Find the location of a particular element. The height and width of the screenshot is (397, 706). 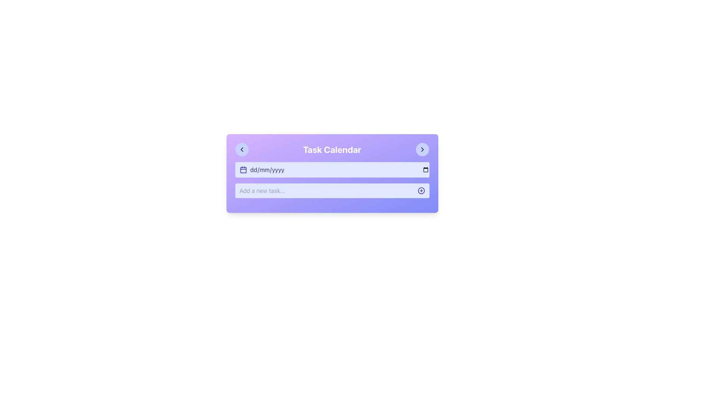

the SVG Circle that represents the 'Add a new task' button, which is part of a plus sign inside a circle, located at the right end of the second input field is located at coordinates (421, 190).